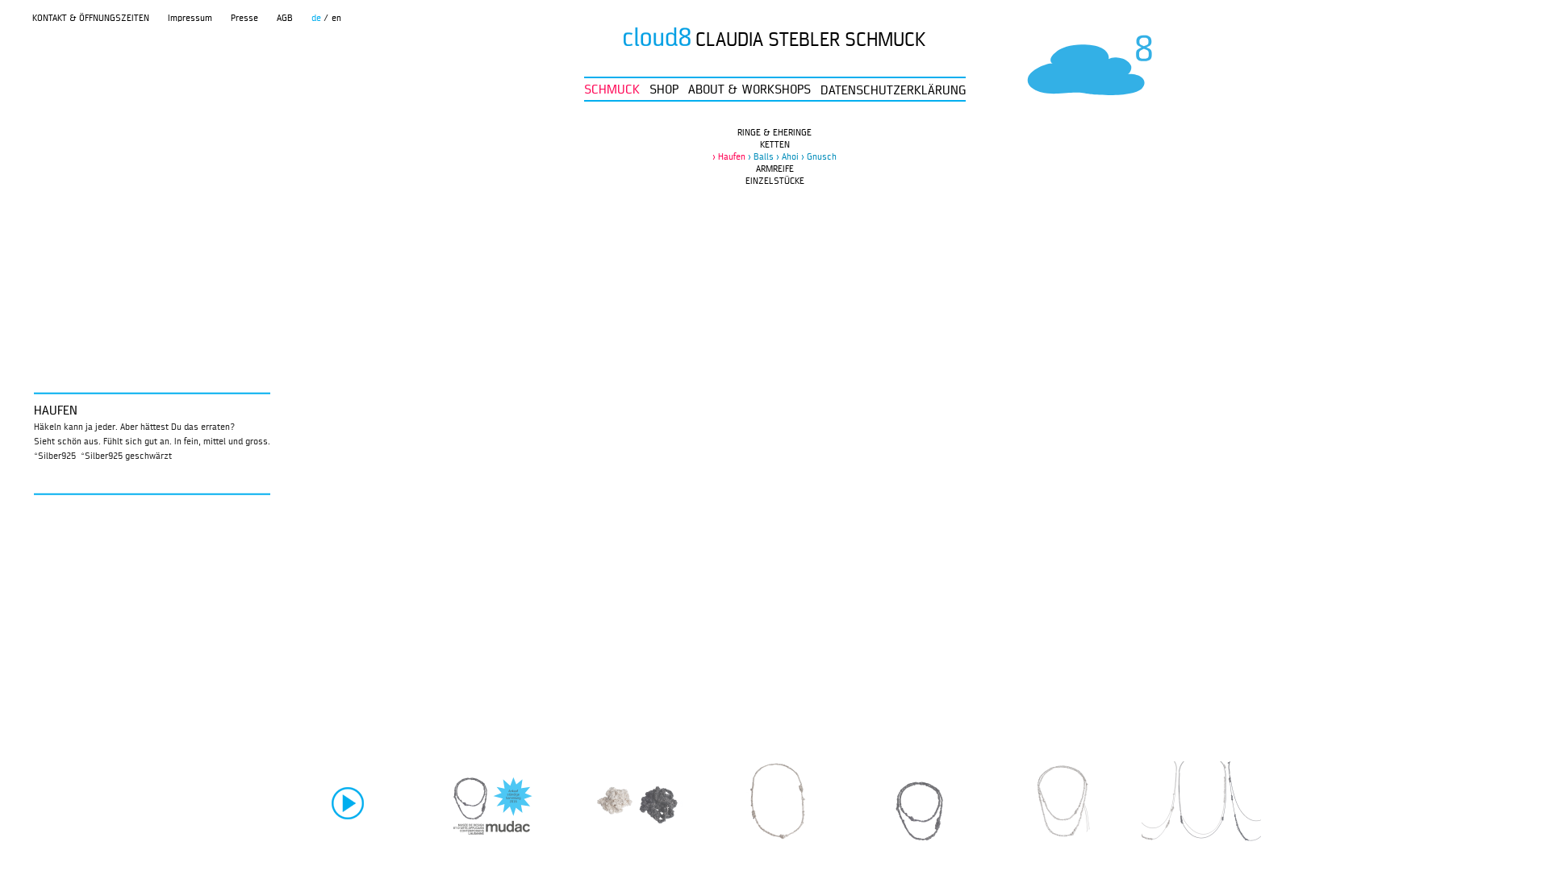 This screenshot has width=1549, height=871. I want to click on 'SCHMUCK', so click(611, 90).